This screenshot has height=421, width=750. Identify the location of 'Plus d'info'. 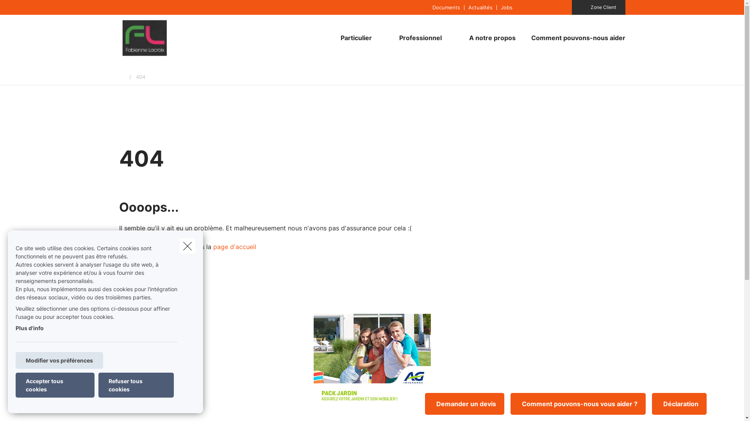
(30, 328).